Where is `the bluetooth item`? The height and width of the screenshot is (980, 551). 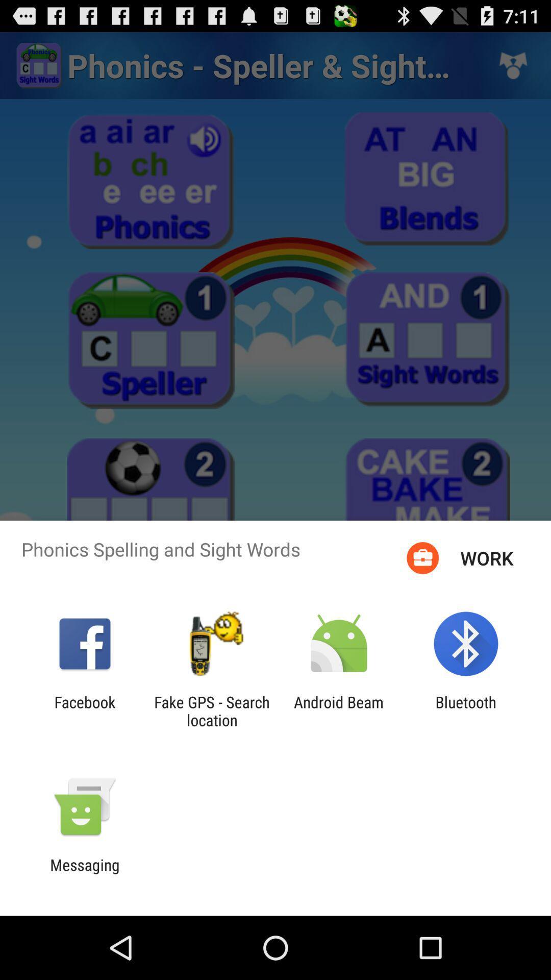
the bluetooth item is located at coordinates (466, 710).